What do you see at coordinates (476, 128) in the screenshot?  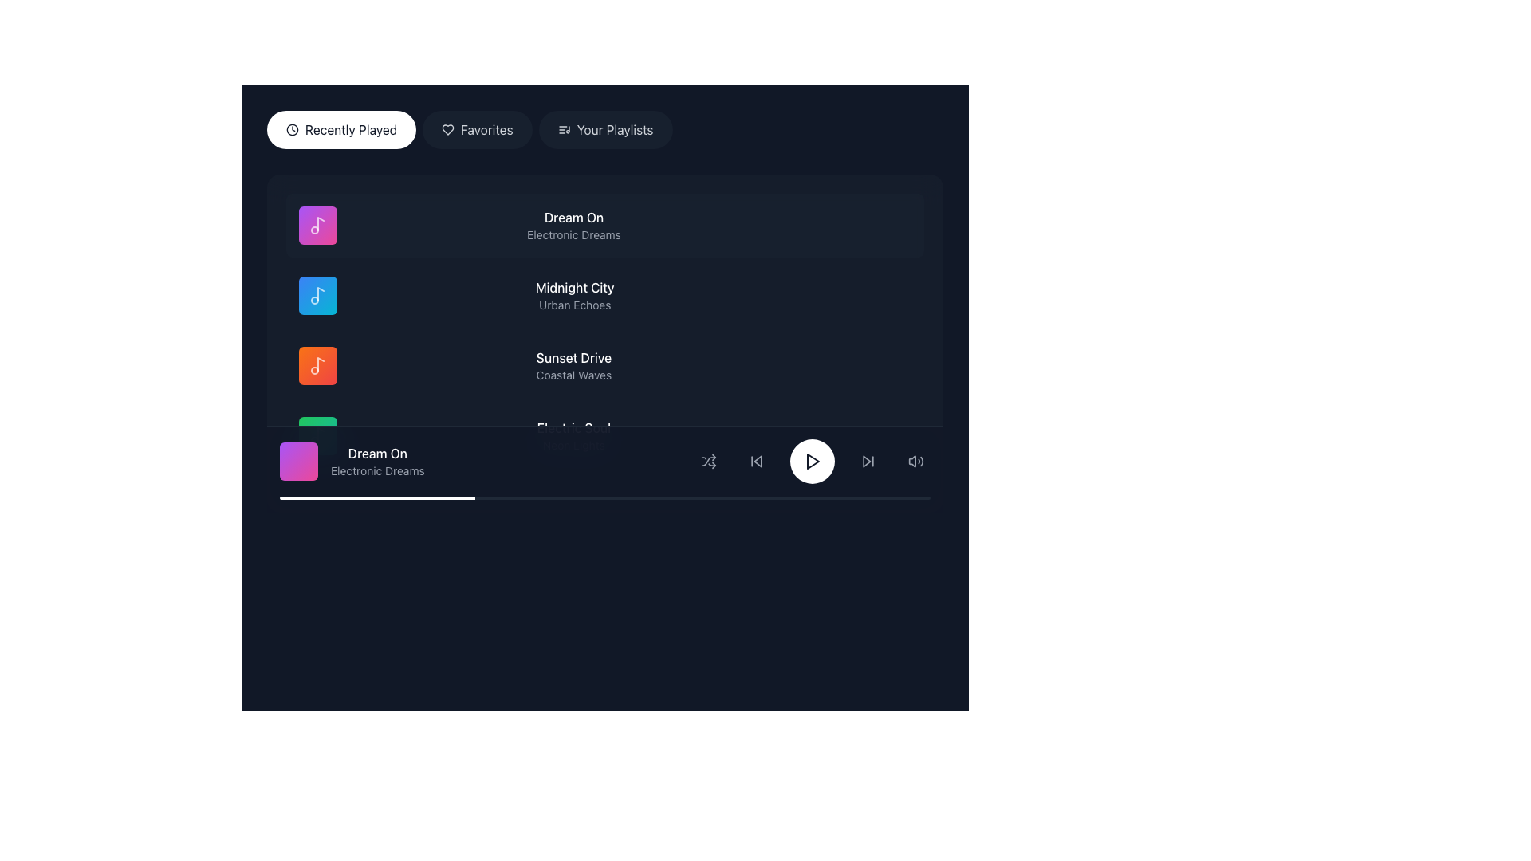 I see `the 'Favorites' button, which has a dark semi-transparent gray background and white text, to change its style` at bounding box center [476, 128].